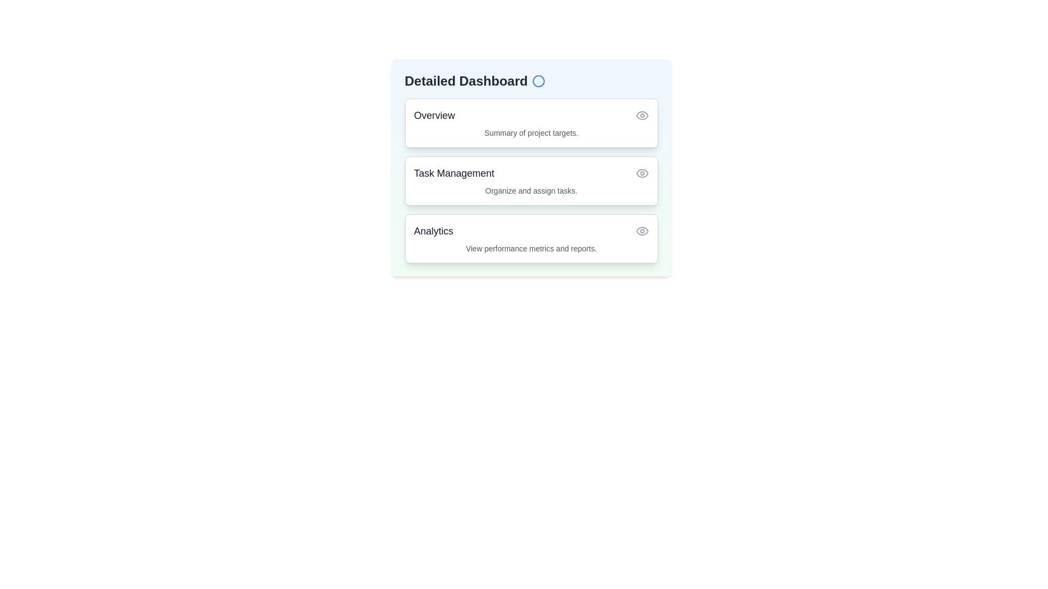 The height and width of the screenshot is (589, 1048). I want to click on the blue circle icon beside the title, so click(538, 81).